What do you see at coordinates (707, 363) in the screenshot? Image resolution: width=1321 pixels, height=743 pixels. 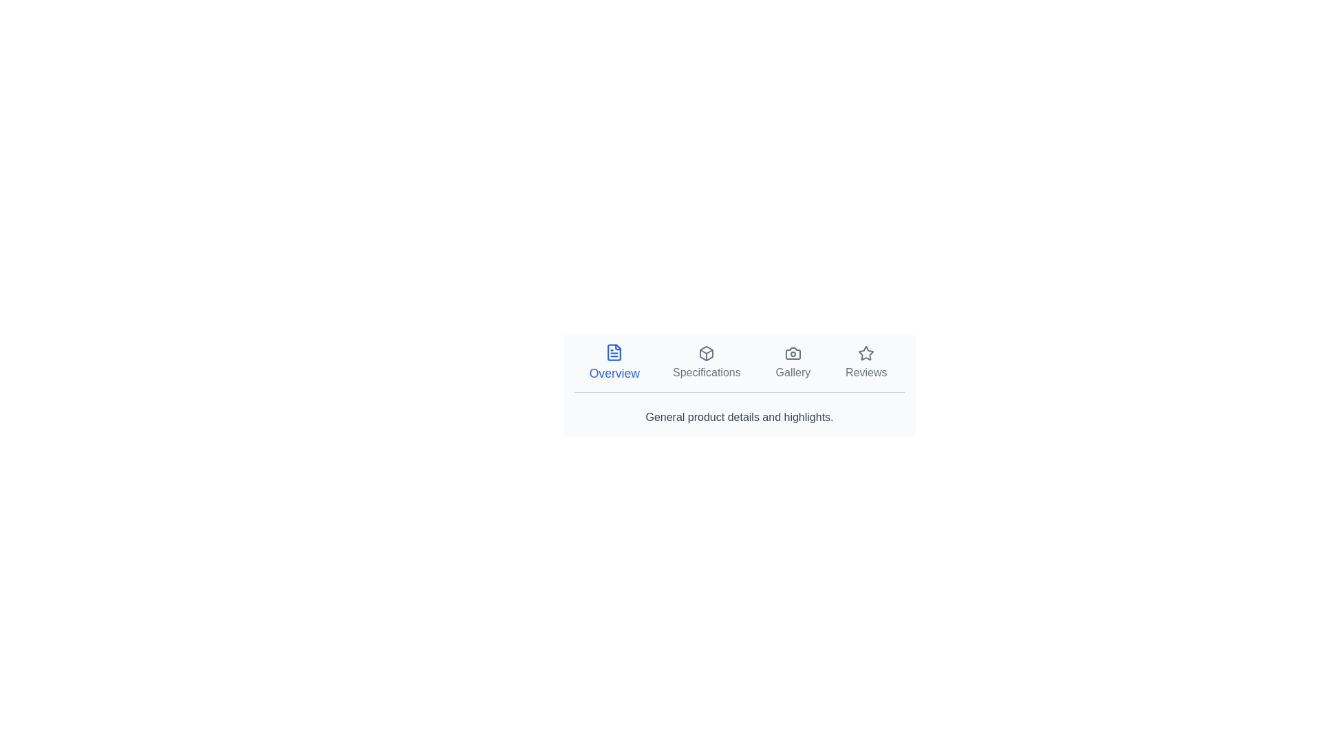 I see `the Specifications tab` at bounding box center [707, 363].